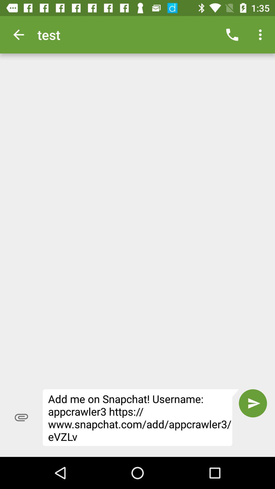 The height and width of the screenshot is (489, 275). Describe the element at coordinates (21, 417) in the screenshot. I see `the item at the bottom left corner` at that location.